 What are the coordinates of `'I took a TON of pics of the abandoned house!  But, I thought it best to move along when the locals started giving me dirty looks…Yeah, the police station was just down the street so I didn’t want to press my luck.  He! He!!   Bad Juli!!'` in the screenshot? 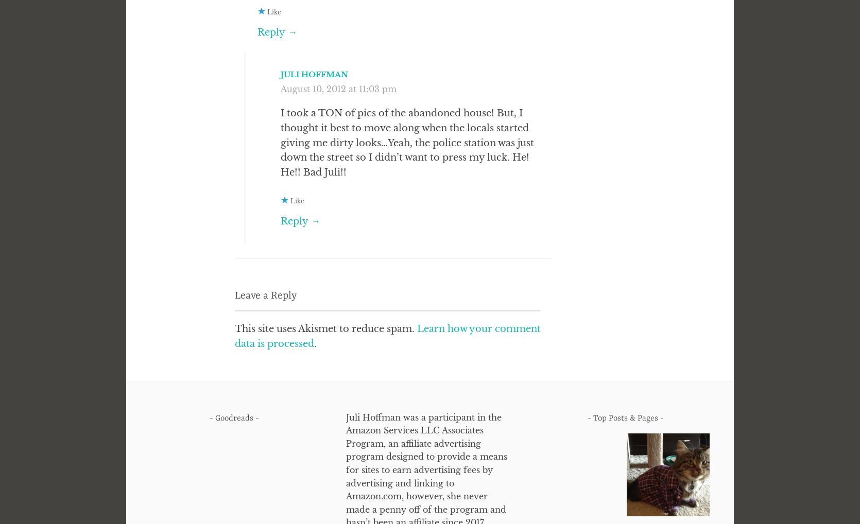 It's located at (407, 142).